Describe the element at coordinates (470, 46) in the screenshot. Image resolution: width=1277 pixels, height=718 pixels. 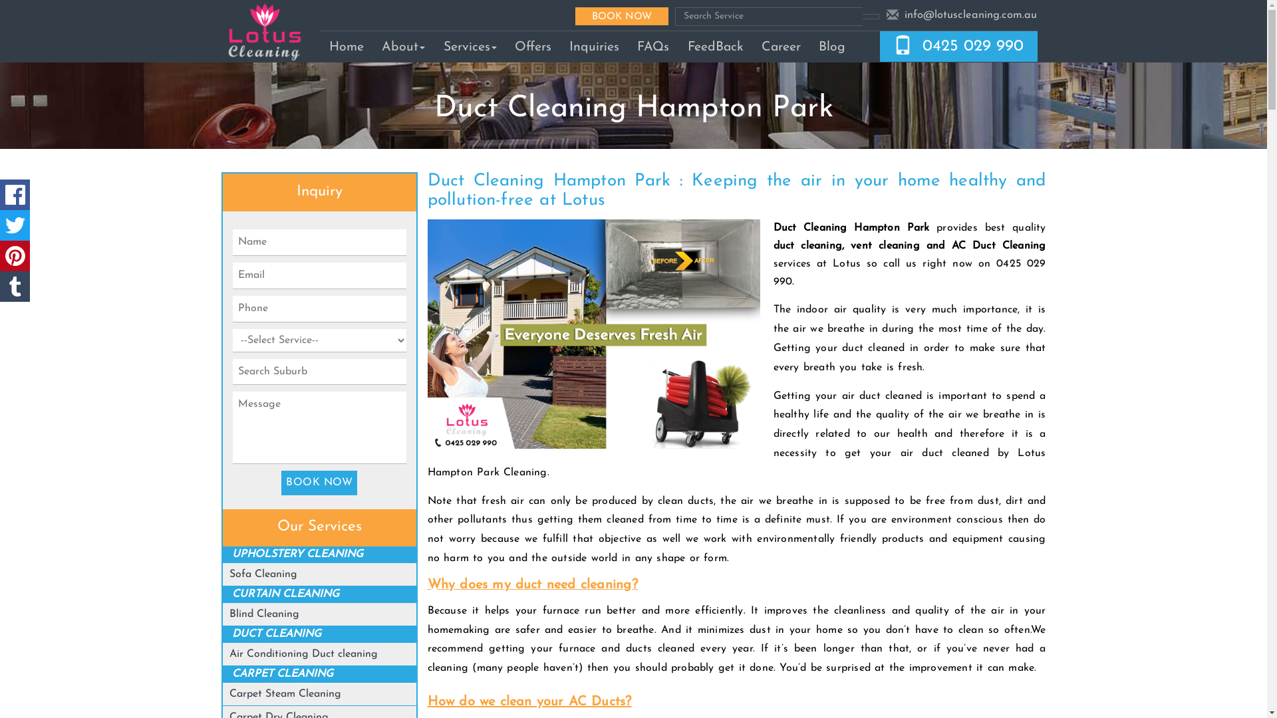
I see `'Services'` at that location.